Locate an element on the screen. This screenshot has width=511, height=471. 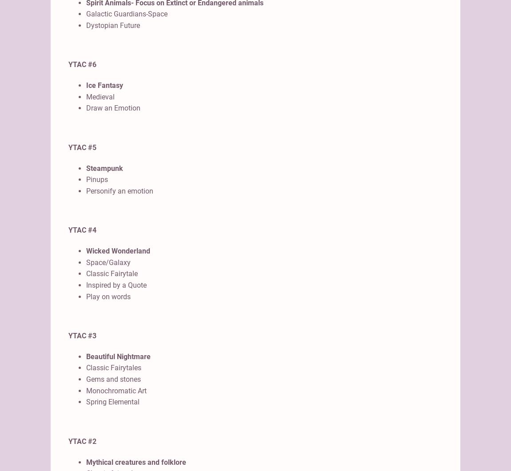
'YTAC #5' is located at coordinates (82, 146).